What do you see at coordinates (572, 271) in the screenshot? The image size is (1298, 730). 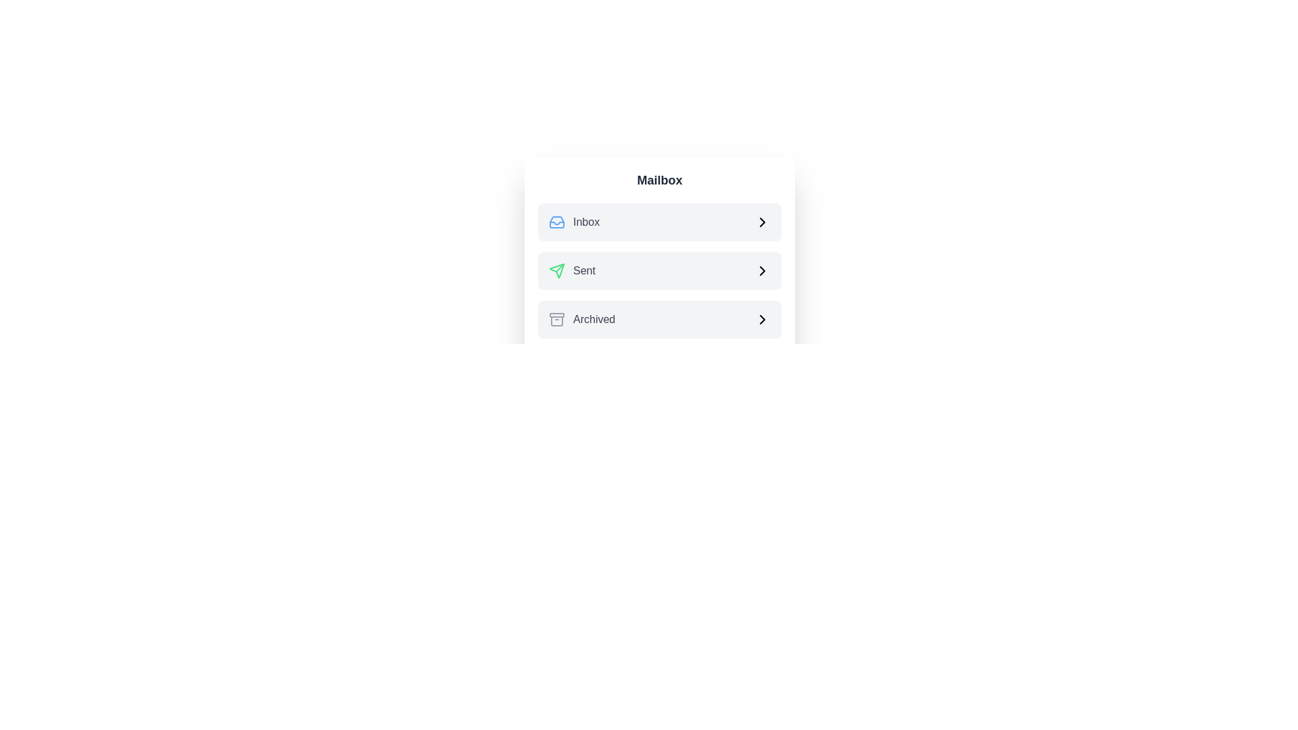 I see `the 'Sent' navigation item, which is the second option in the vertical navigation menu` at bounding box center [572, 271].